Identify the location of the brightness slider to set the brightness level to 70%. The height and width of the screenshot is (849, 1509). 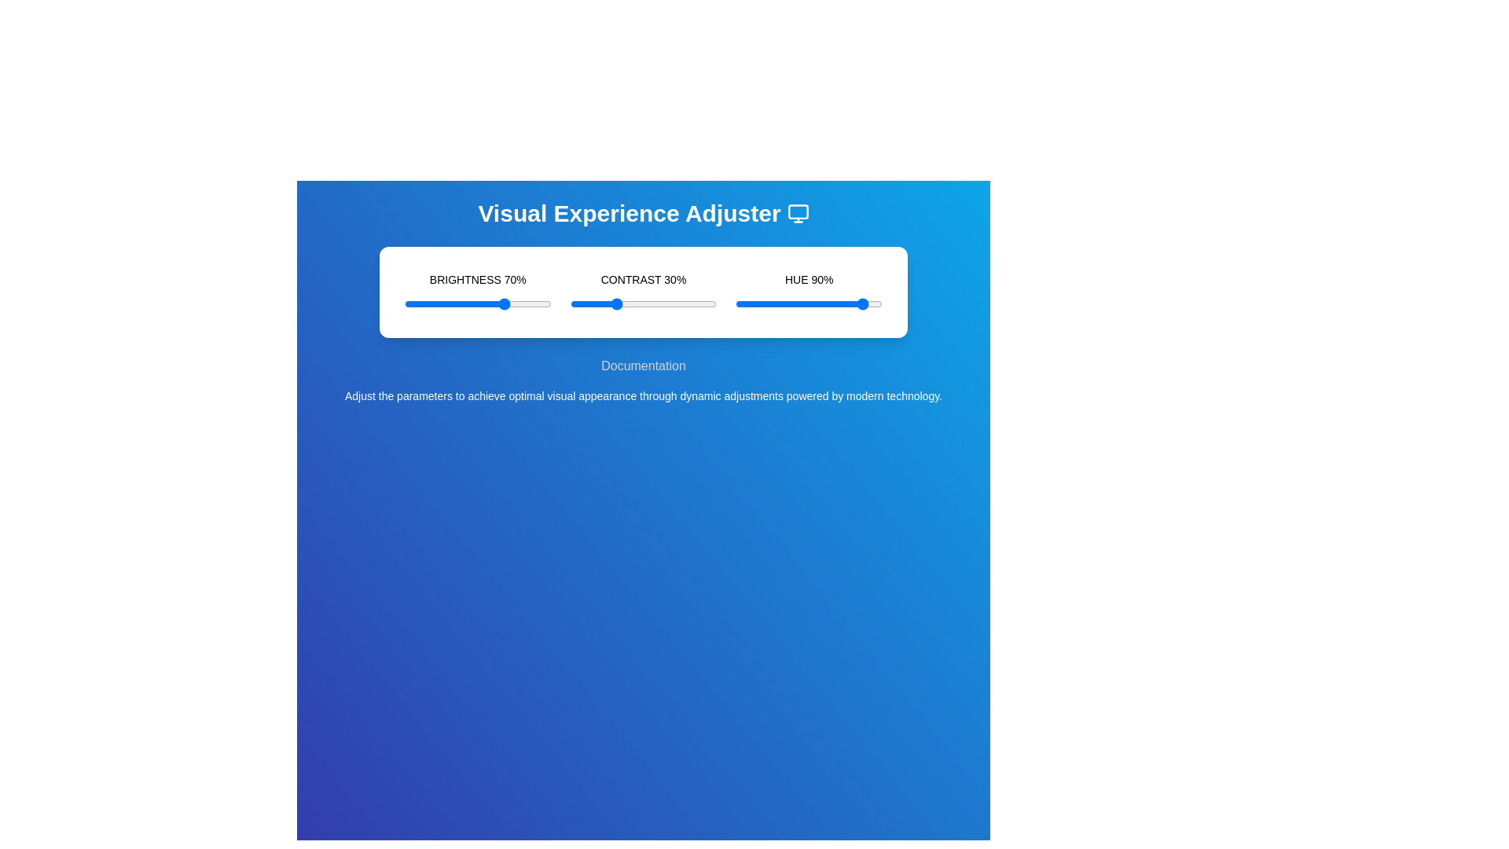
(507, 303).